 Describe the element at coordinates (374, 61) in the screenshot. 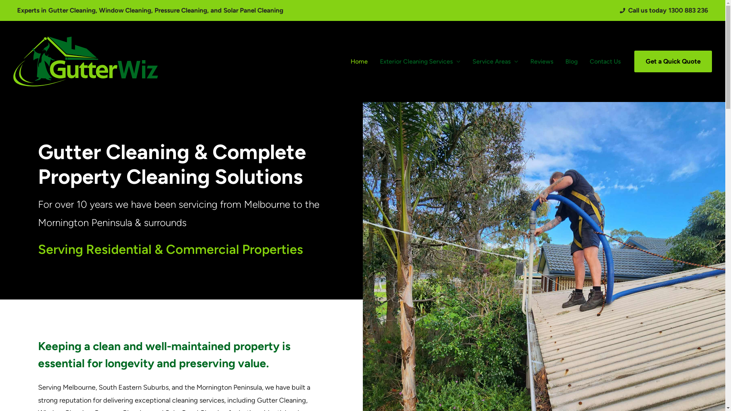

I see `'Exterior Cleaning Services'` at that location.